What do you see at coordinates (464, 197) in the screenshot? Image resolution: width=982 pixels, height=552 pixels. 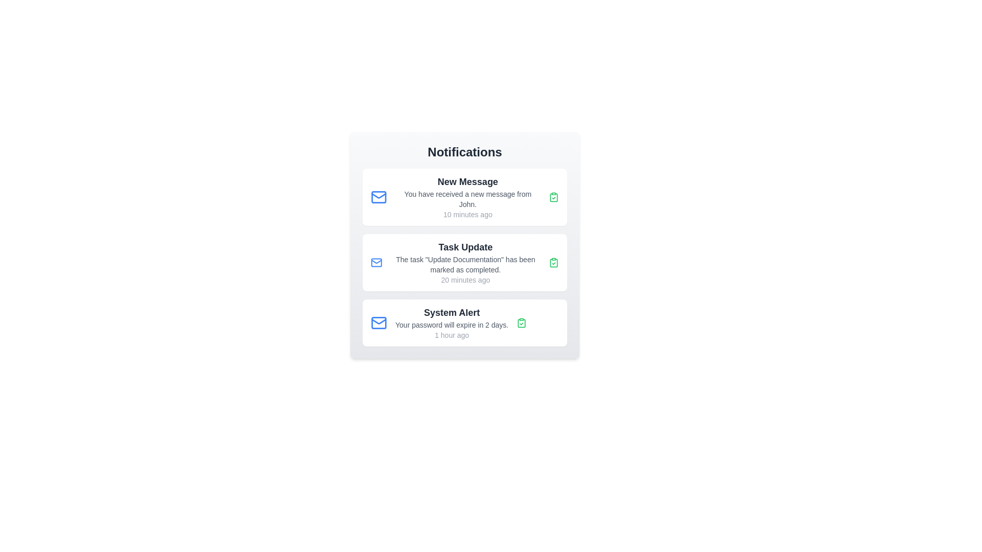 I see `the notification with title New Message` at bounding box center [464, 197].